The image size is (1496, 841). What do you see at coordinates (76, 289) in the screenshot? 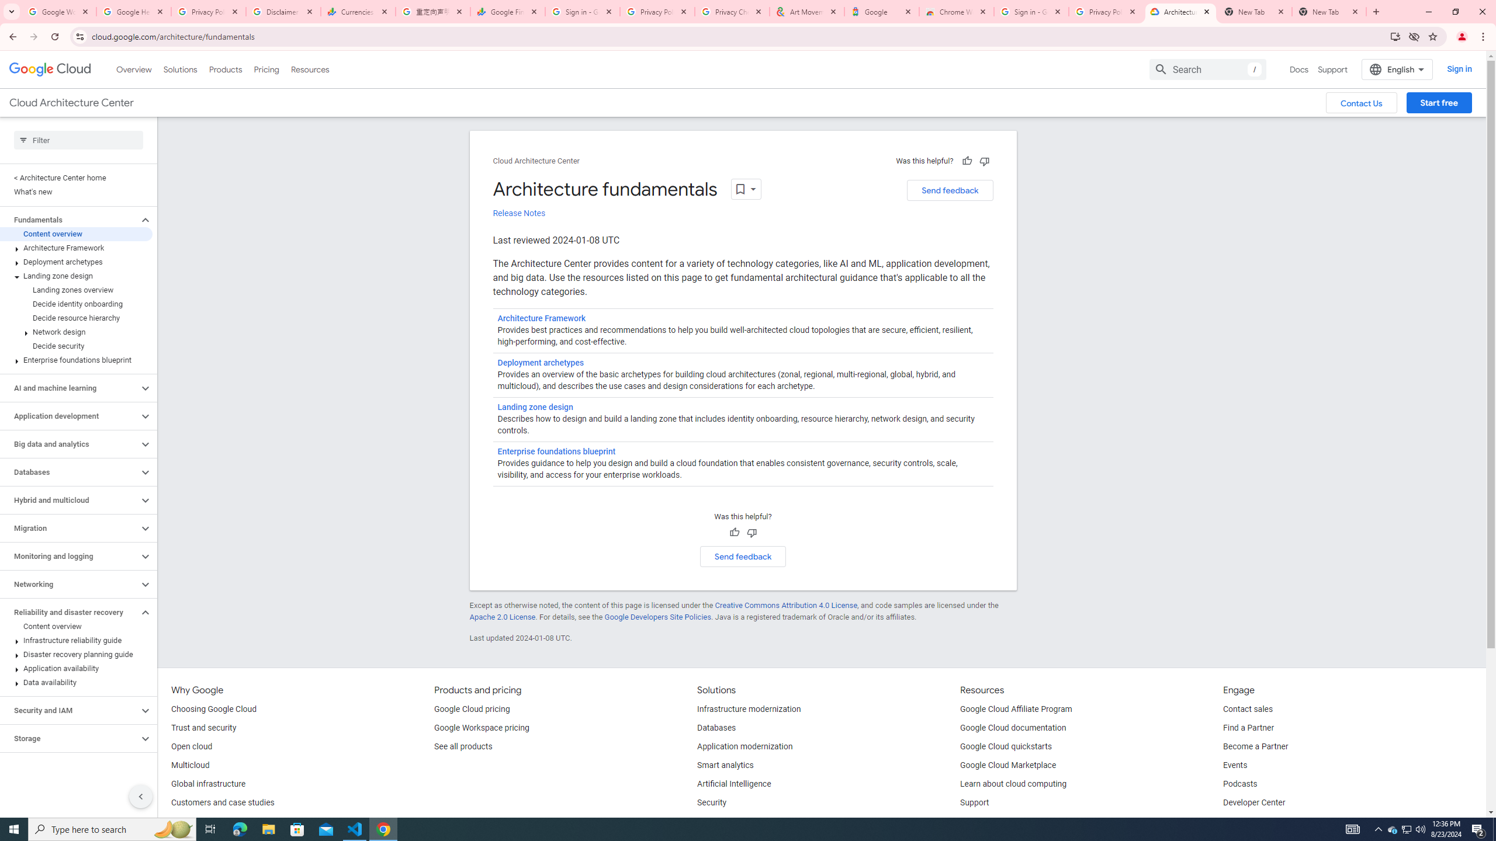
I see `'Landing zones overview'` at bounding box center [76, 289].